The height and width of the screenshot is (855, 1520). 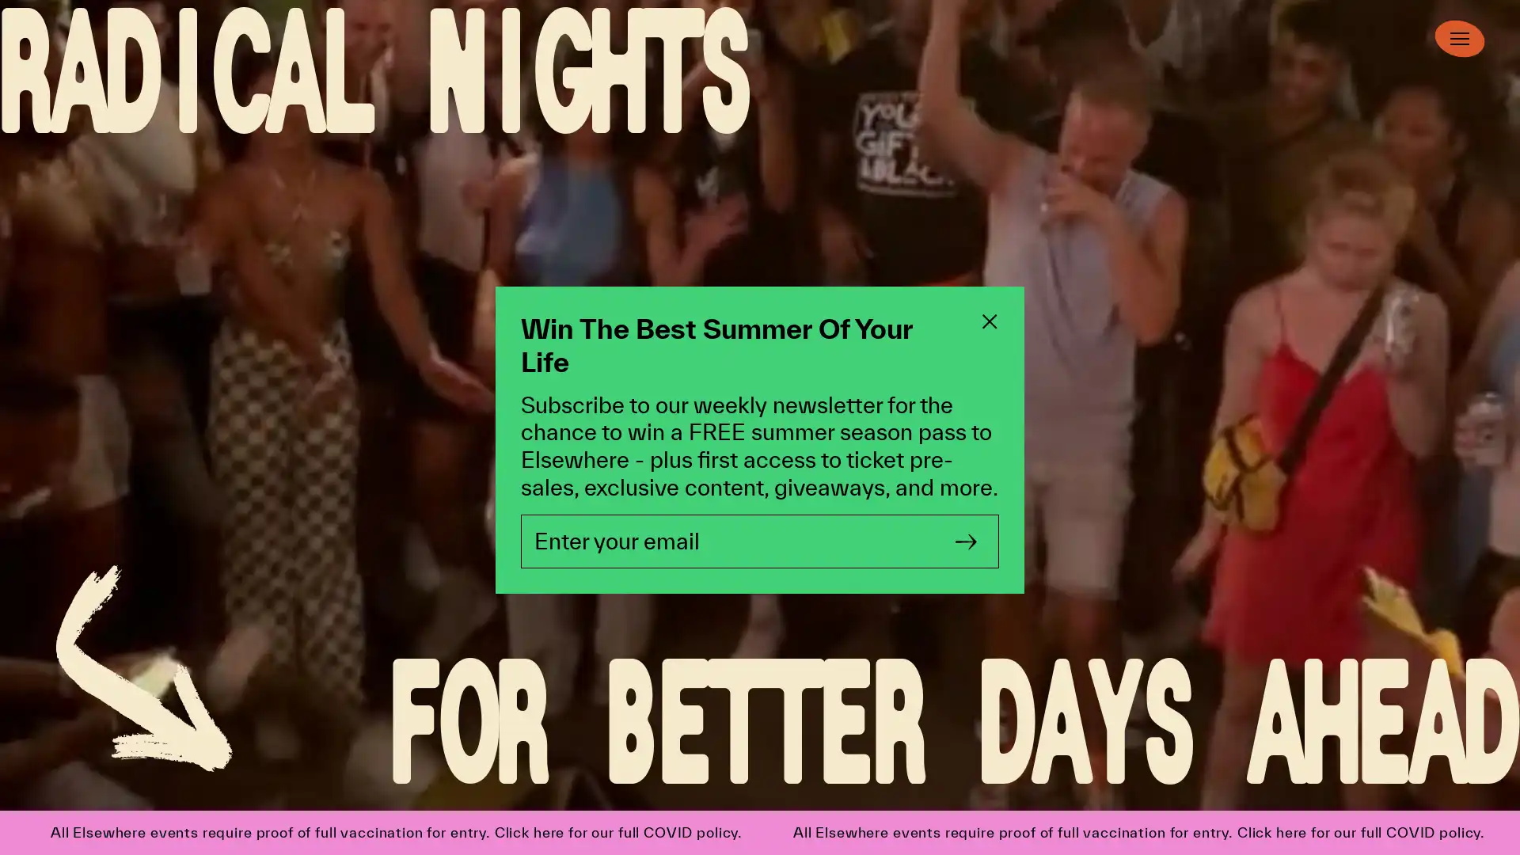 I want to click on Submit, so click(x=964, y=540).